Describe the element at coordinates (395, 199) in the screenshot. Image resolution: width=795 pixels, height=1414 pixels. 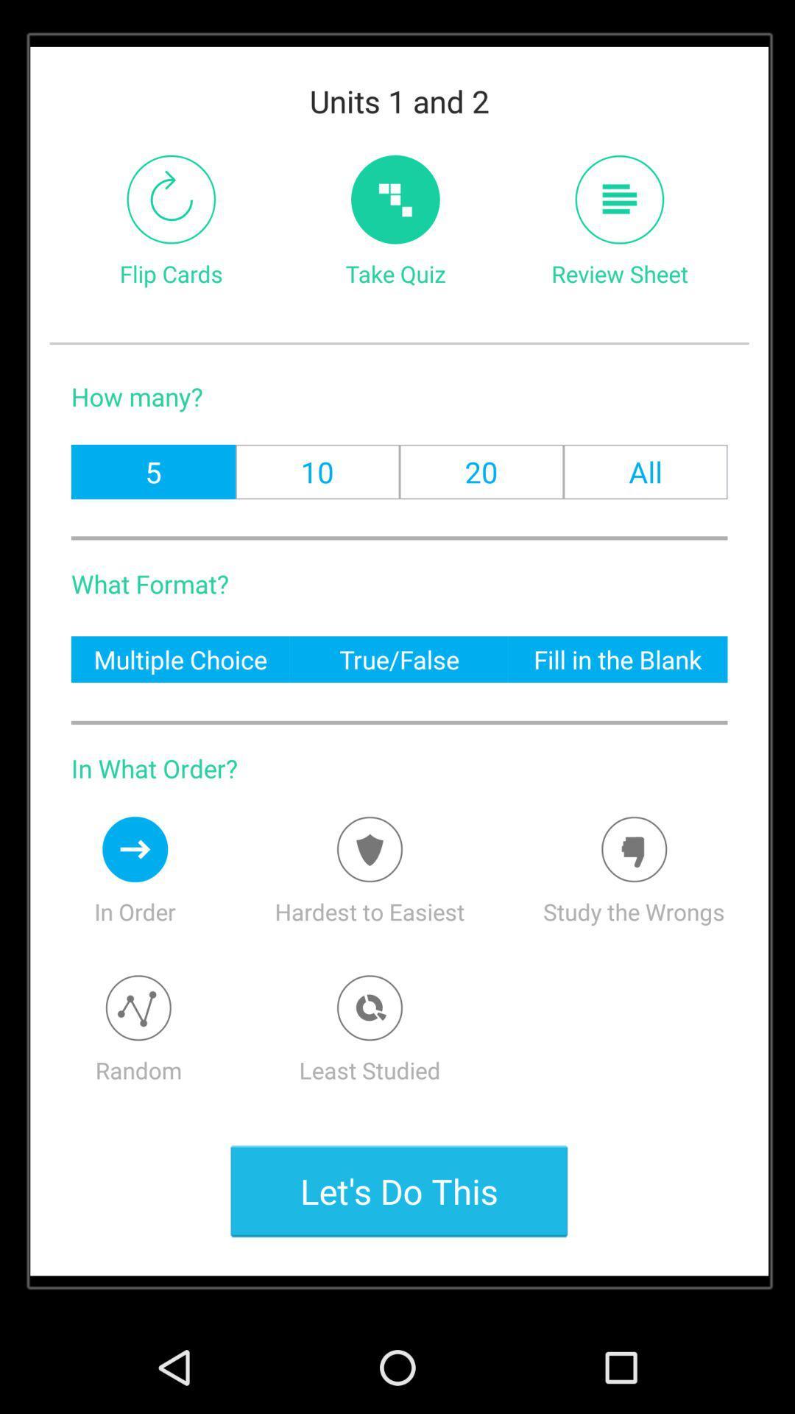
I see `starts taking quiz` at that location.